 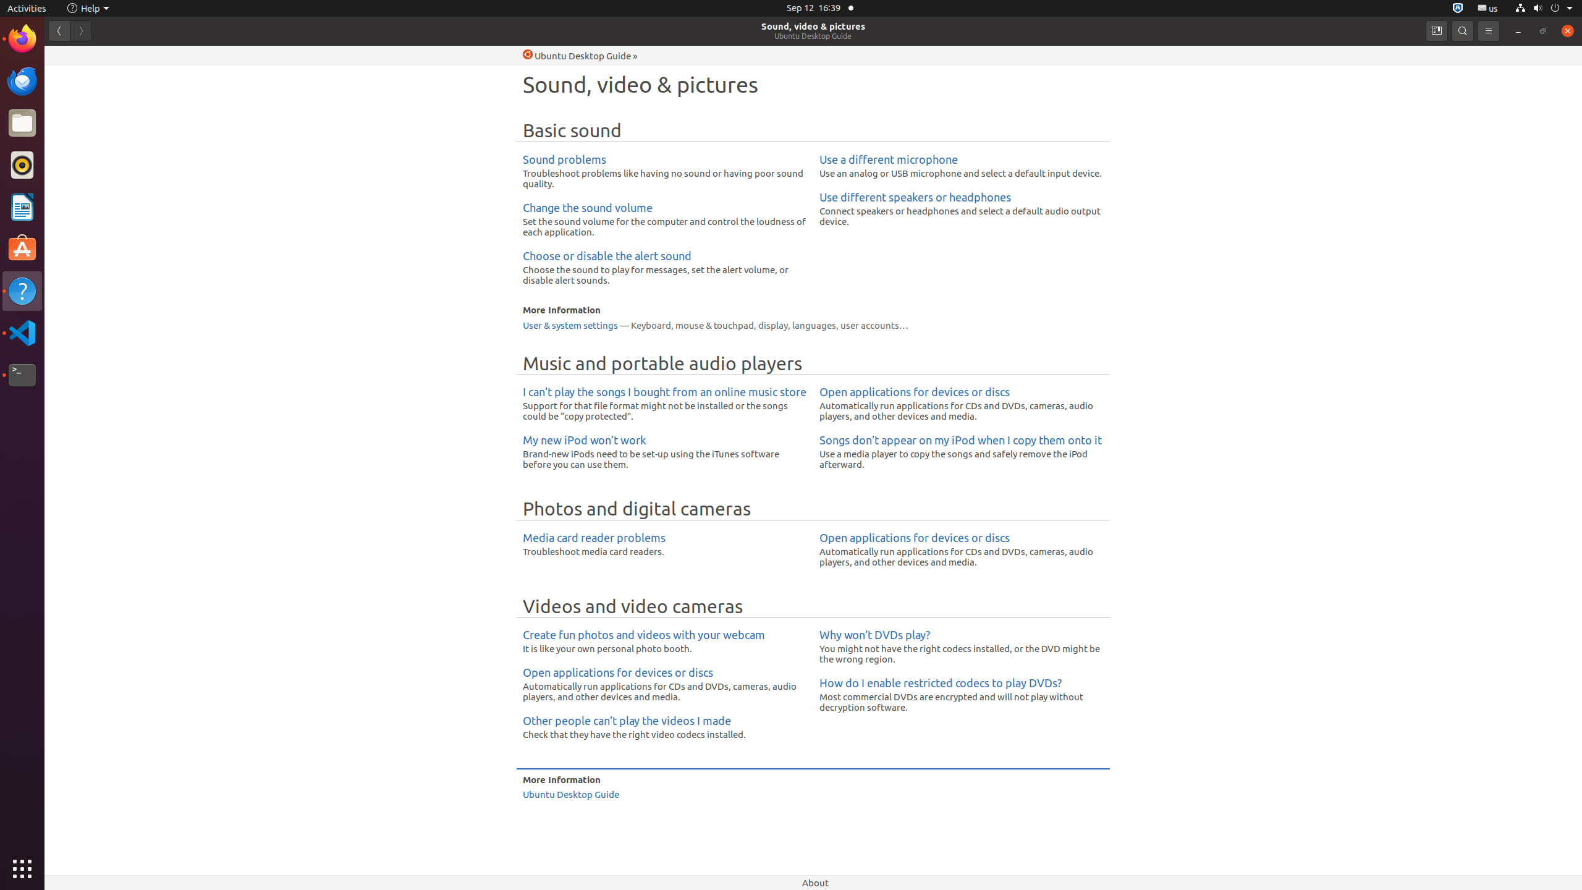 I want to click on 'Restore', so click(x=1542, y=30).